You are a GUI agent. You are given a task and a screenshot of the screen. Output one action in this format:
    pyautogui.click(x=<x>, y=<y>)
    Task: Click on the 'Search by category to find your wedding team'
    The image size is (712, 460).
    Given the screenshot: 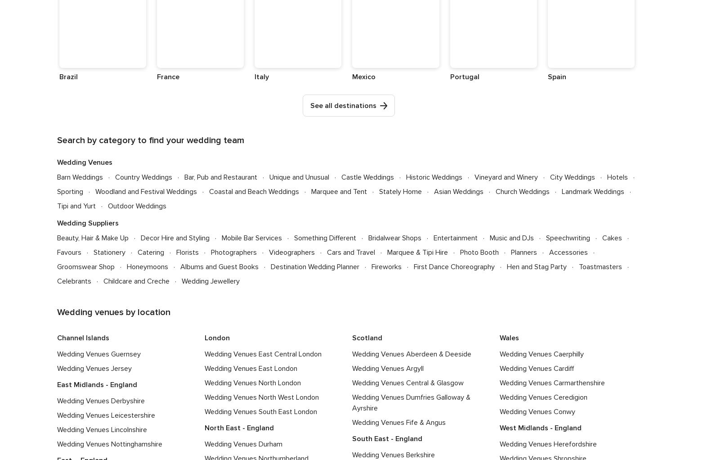 What is the action you would take?
    pyautogui.click(x=150, y=139)
    